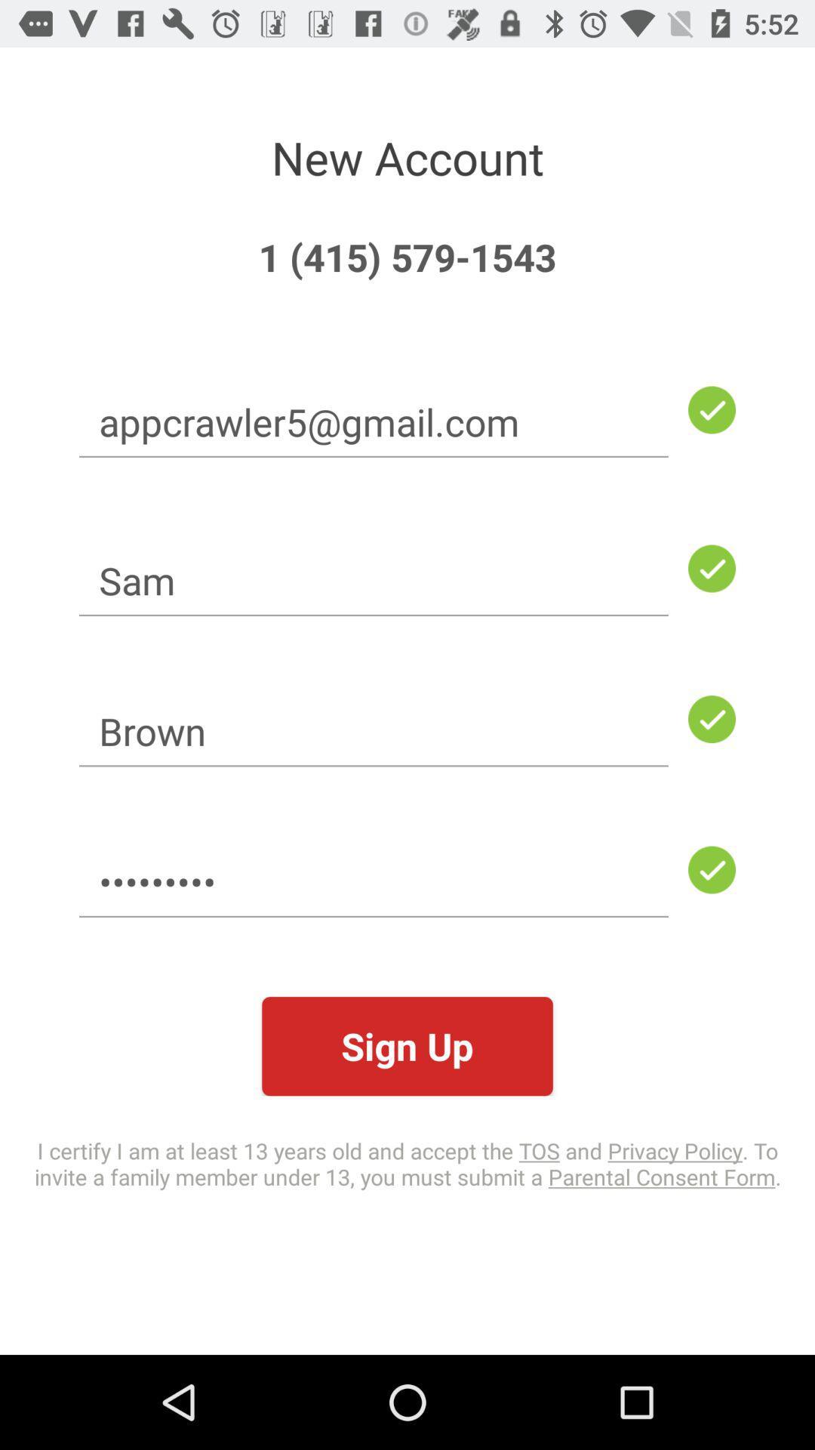 This screenshot has height=1450, width=815. Describe the element at coordinates (374, 421) in the screenshot. I see `item below the 1 415 579 item` at that location.